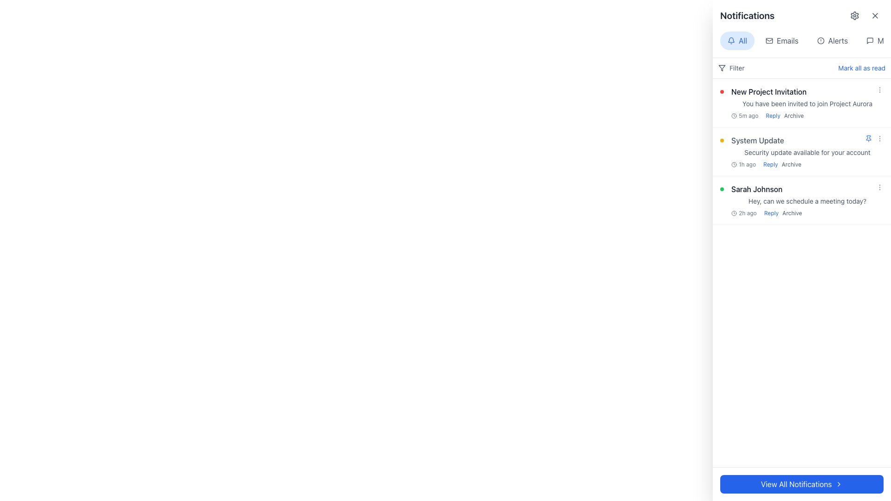 This screenshot has height=501, width=891. What do you see at coordinates (807, 200) in the screenshot?
I see `the notification entry from 'Sarah Johnson' indicating 'Hey, can we schedule a meeting today?' in the Notifications panel, located in the third position of the list` at bounding box center [807, 200].